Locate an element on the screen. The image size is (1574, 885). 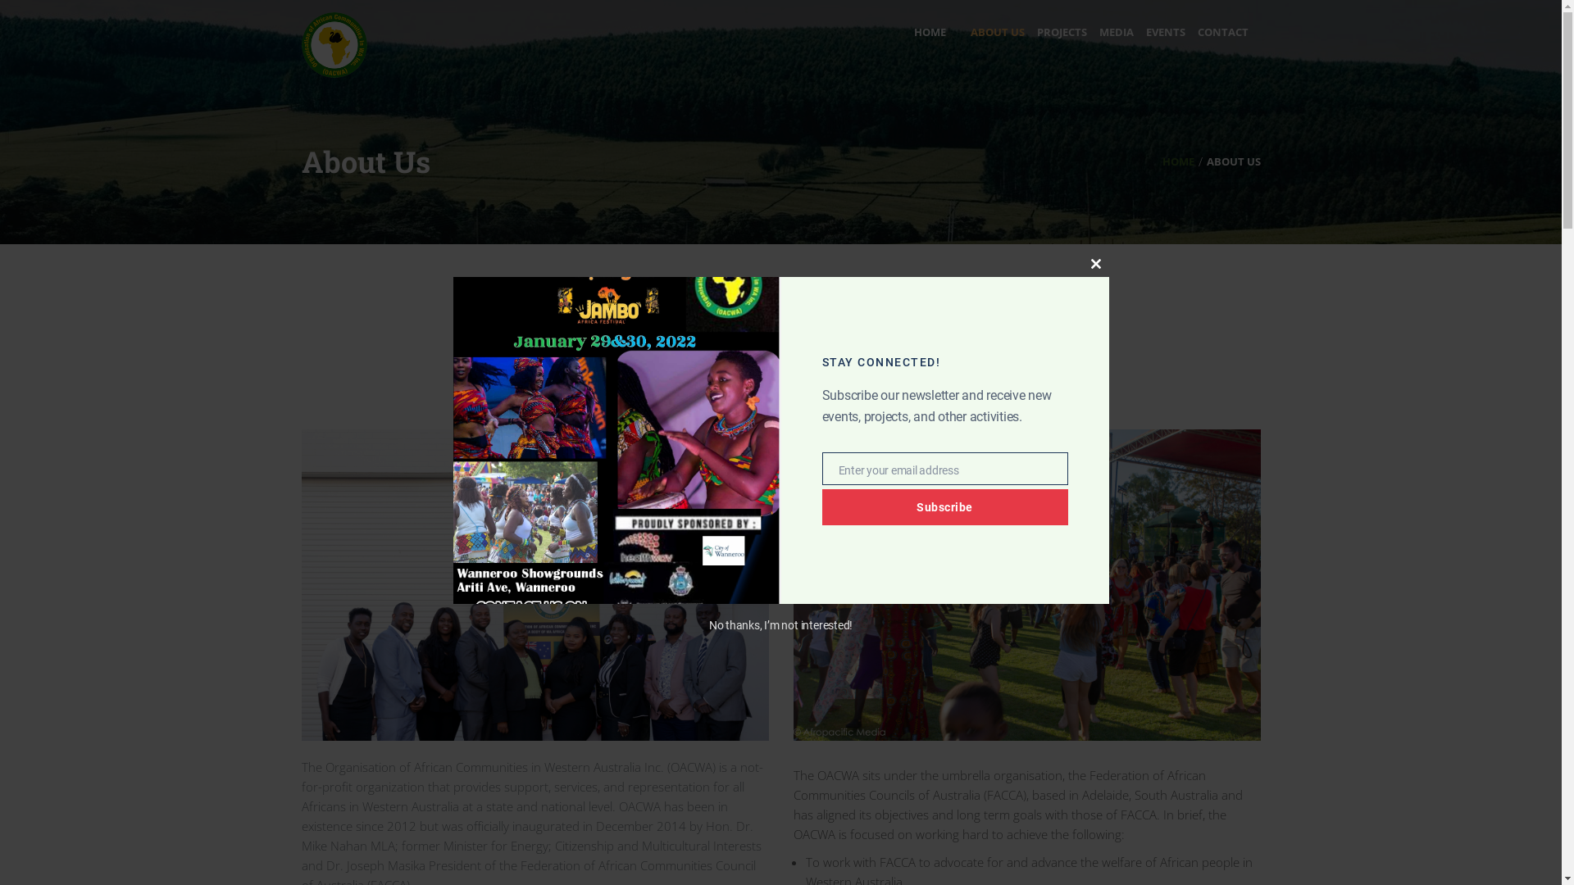
'Close this module' is located at coordinates (1094, 262).